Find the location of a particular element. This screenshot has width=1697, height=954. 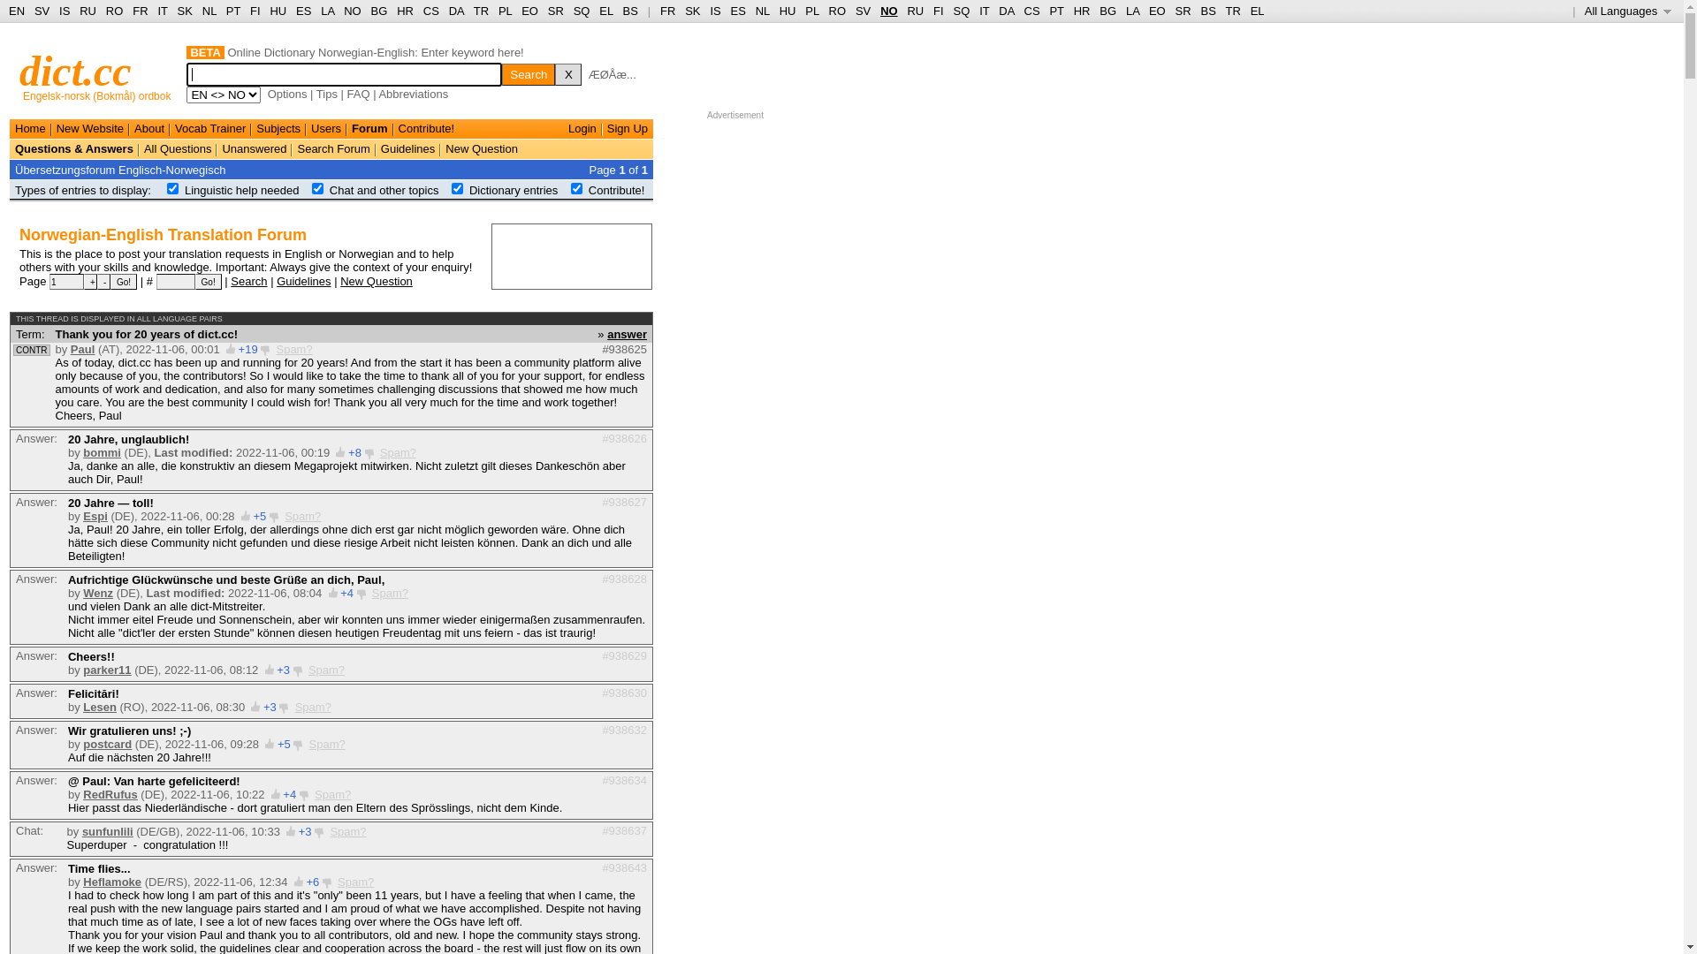

'#938625' is located at coordinates (624, 349).